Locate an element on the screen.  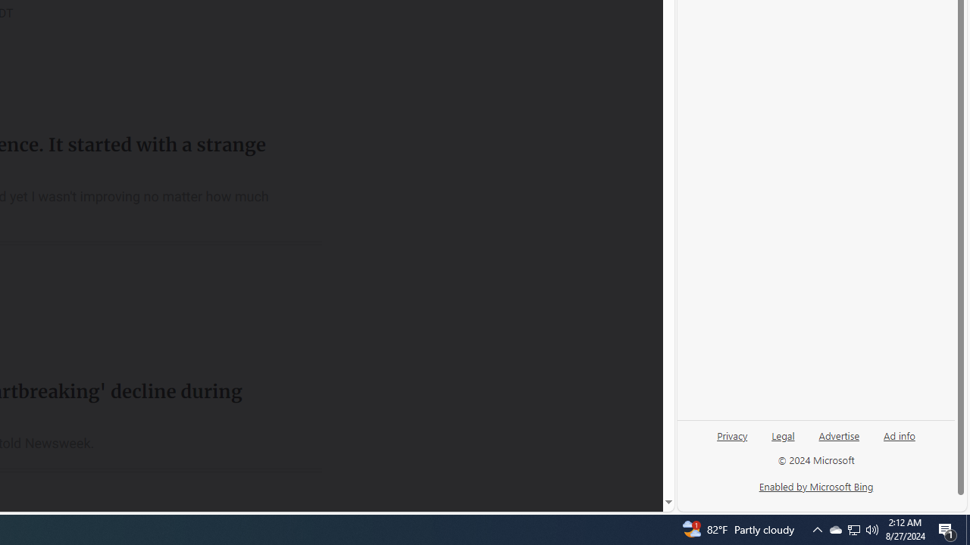
'Advertise' is located at coordinates (838, 441).